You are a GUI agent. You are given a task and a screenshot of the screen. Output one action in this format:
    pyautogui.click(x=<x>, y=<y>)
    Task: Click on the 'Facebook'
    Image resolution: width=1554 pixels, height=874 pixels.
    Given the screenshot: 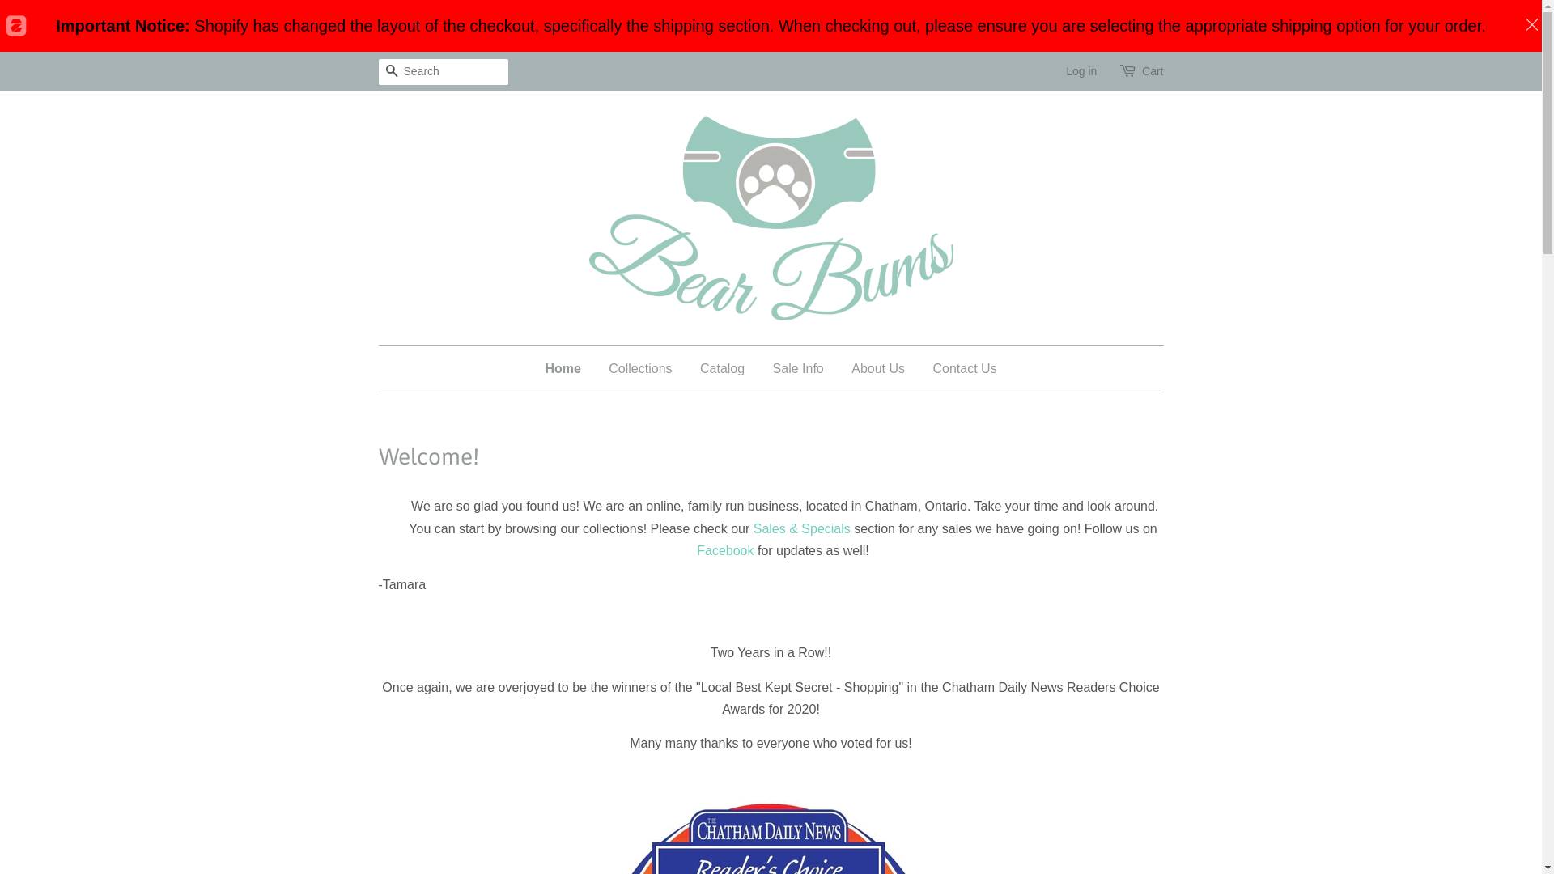 What is the action you would take?
    pyautogui.click(x=724, y=549)
    